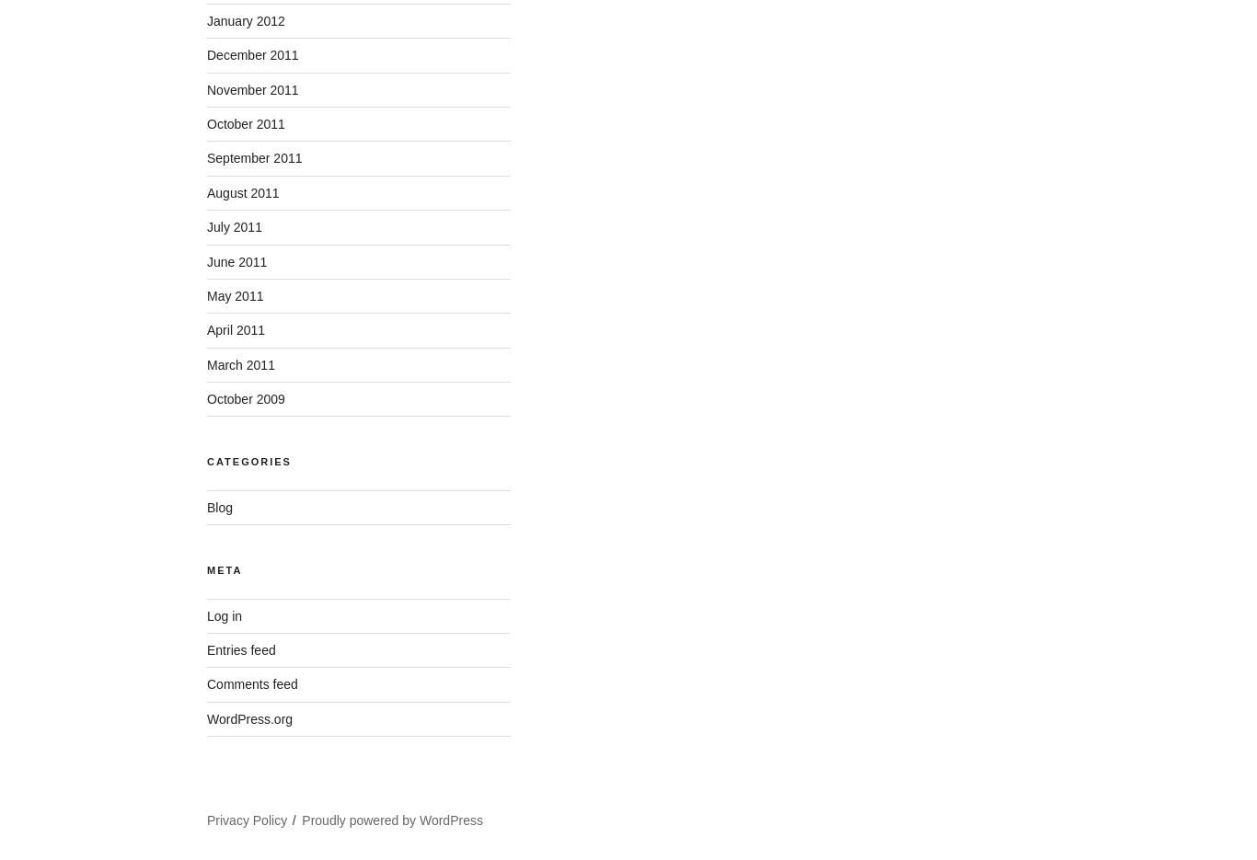 Image resolution: width=1257 pixels, height=860 pixels. Describe the element at coordinates (249, 717) in the screenshot. I see `'WordPress.org'` at that location.